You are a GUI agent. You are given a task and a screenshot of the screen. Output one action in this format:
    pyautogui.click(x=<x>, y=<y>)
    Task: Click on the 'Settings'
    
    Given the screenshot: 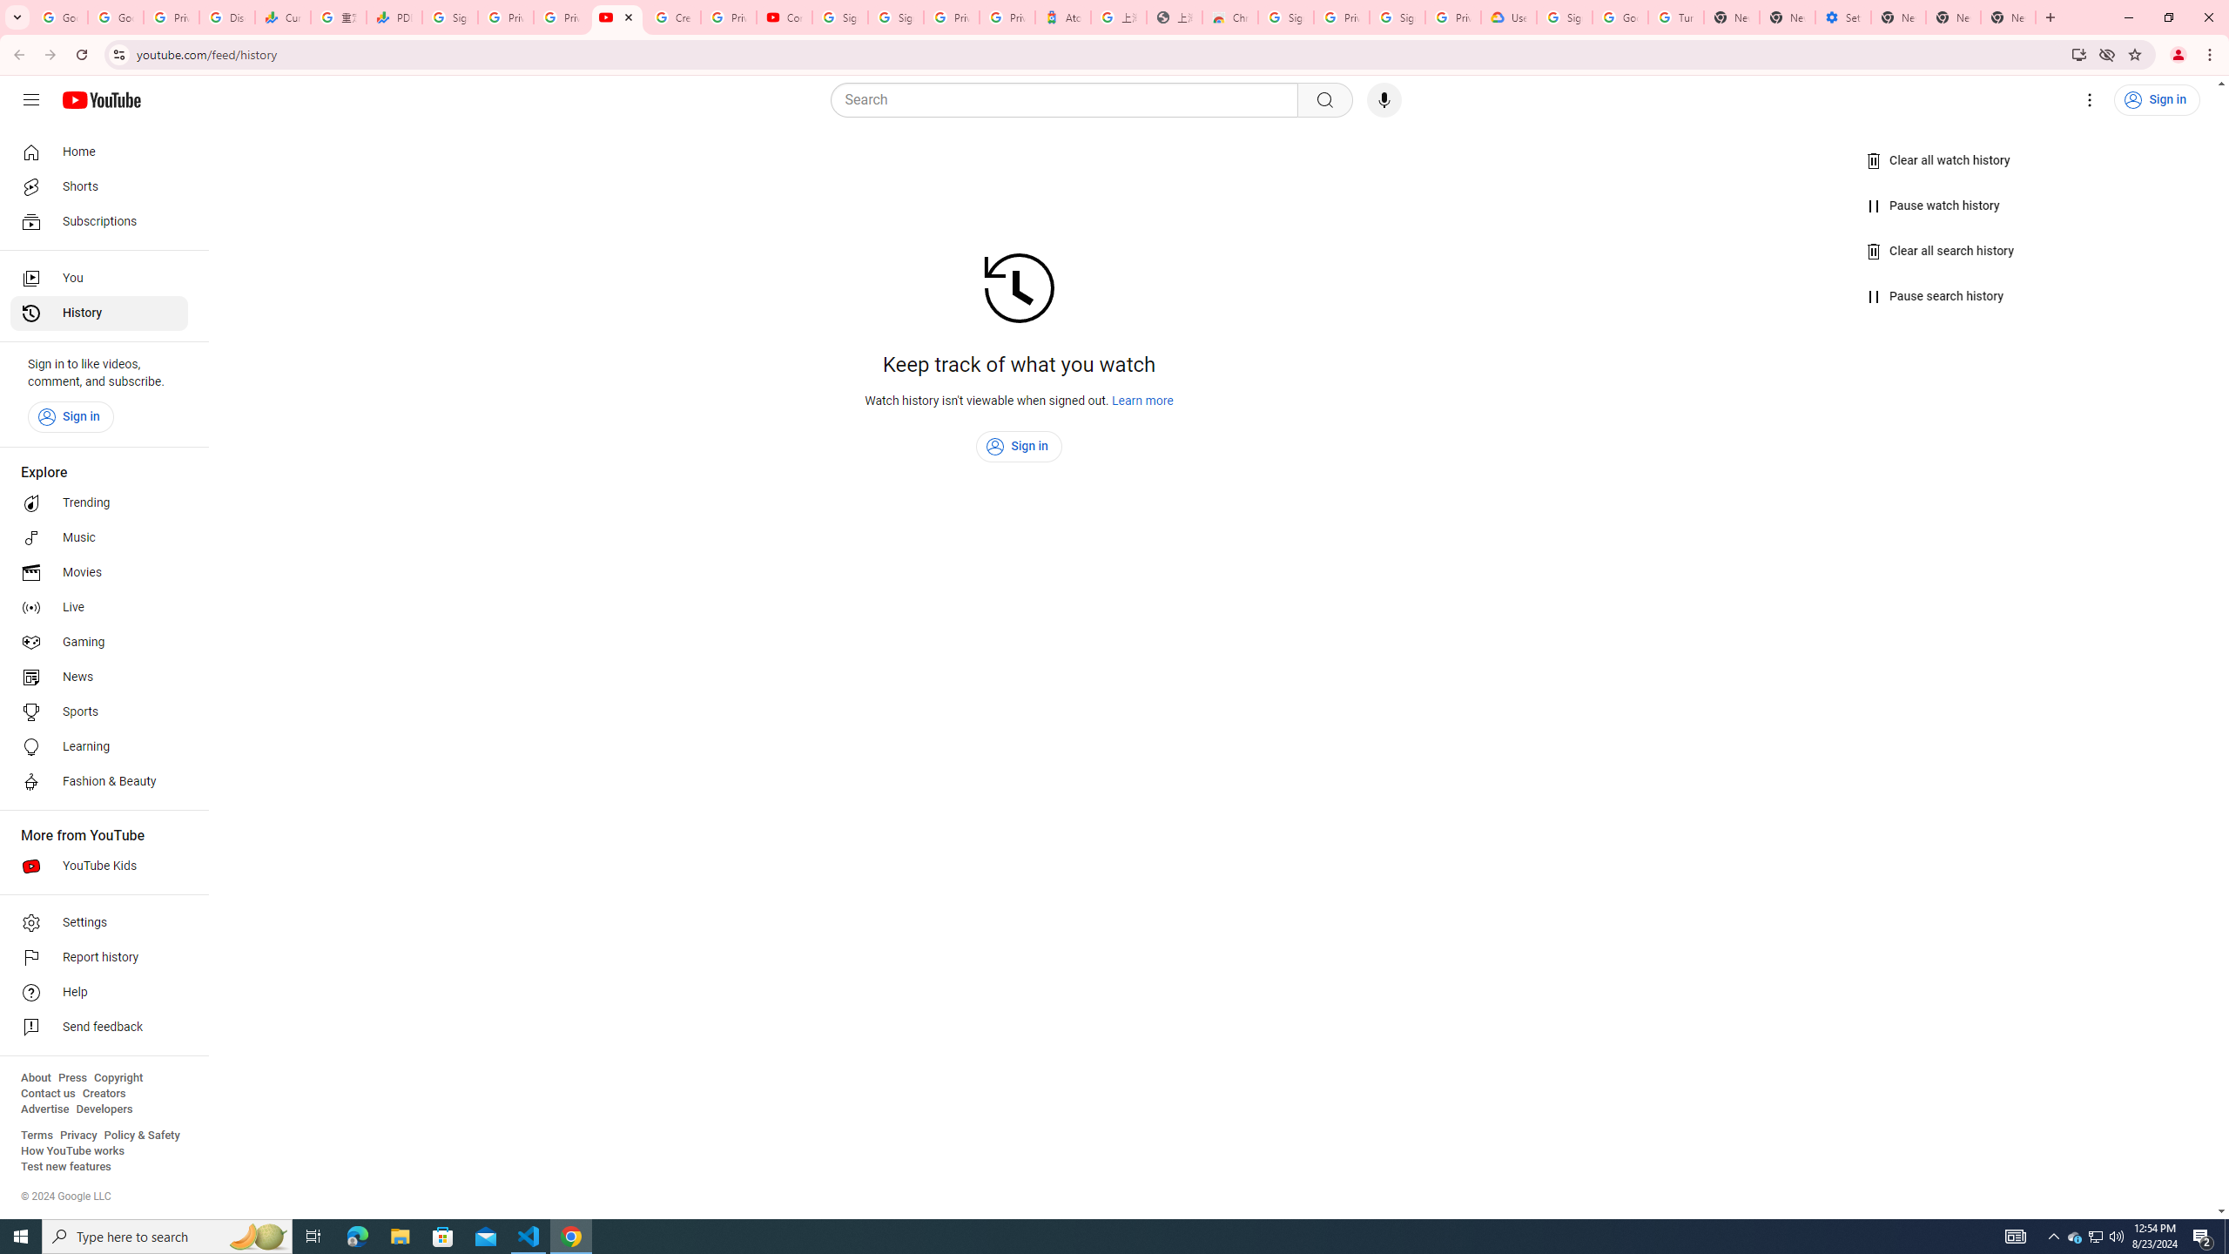 What is the action you would take?
    pyautogui.click(x=98, y=921)
    